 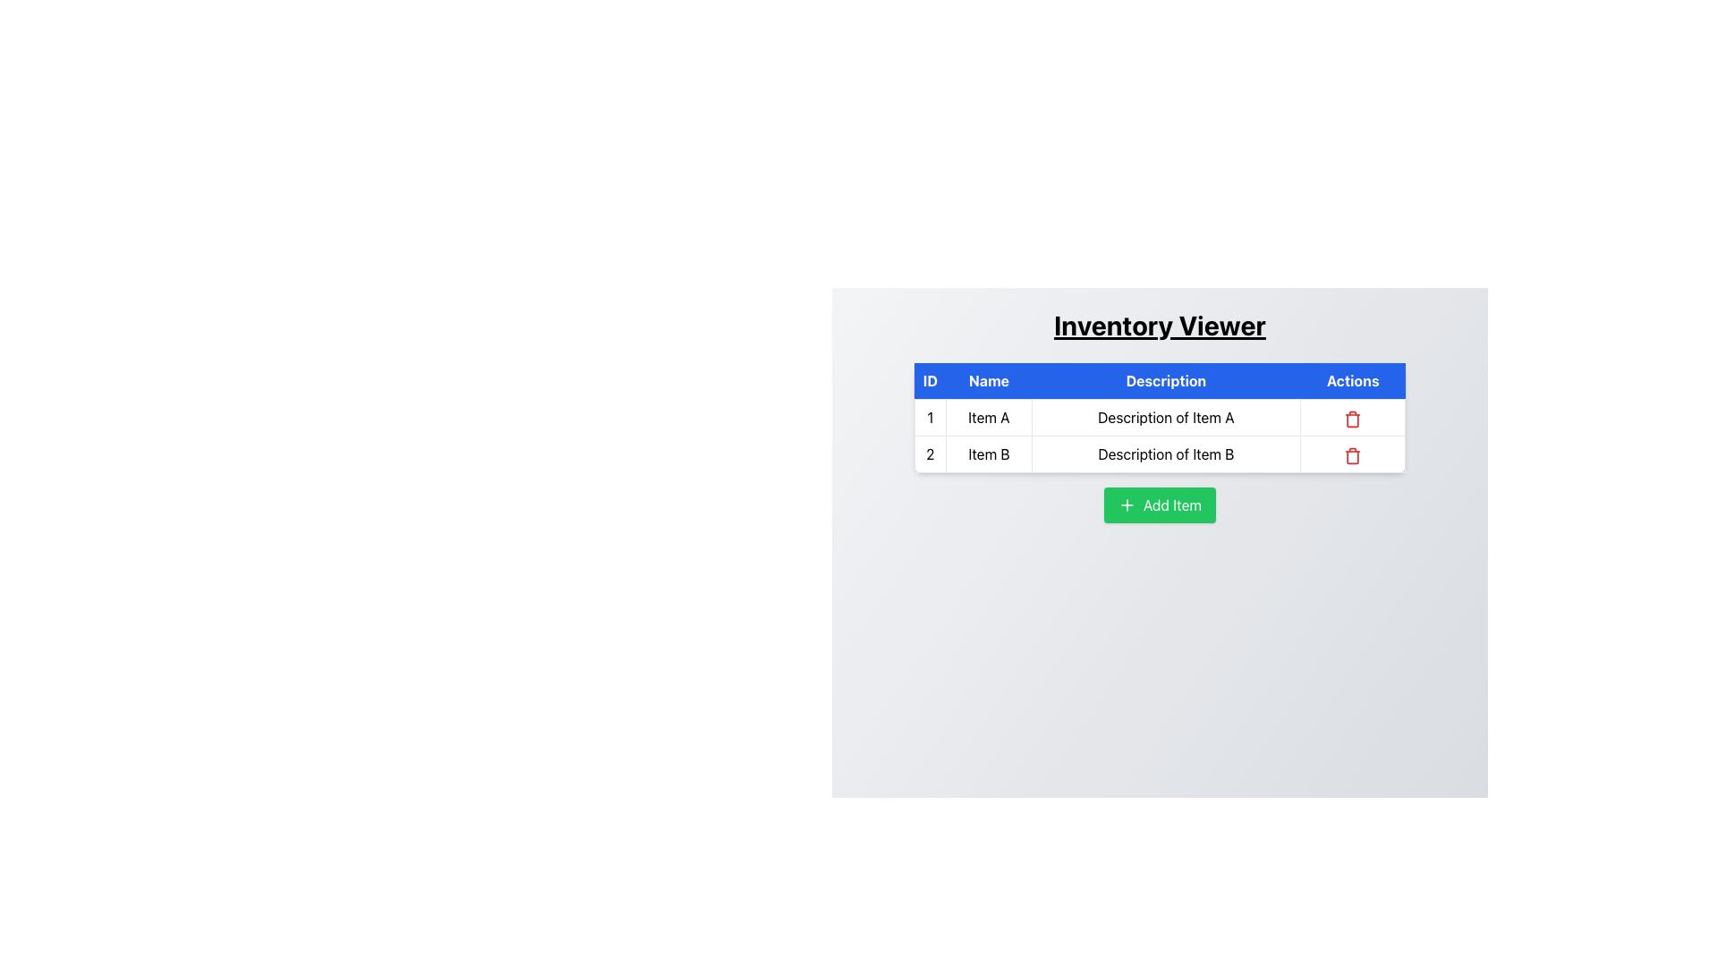 What do you see at coordinates (929, 379) in the screenshot?
I see `label of the Table Header which is the first column header in a table, indicating the IDs of the data below` at bounding box center [929, 379].